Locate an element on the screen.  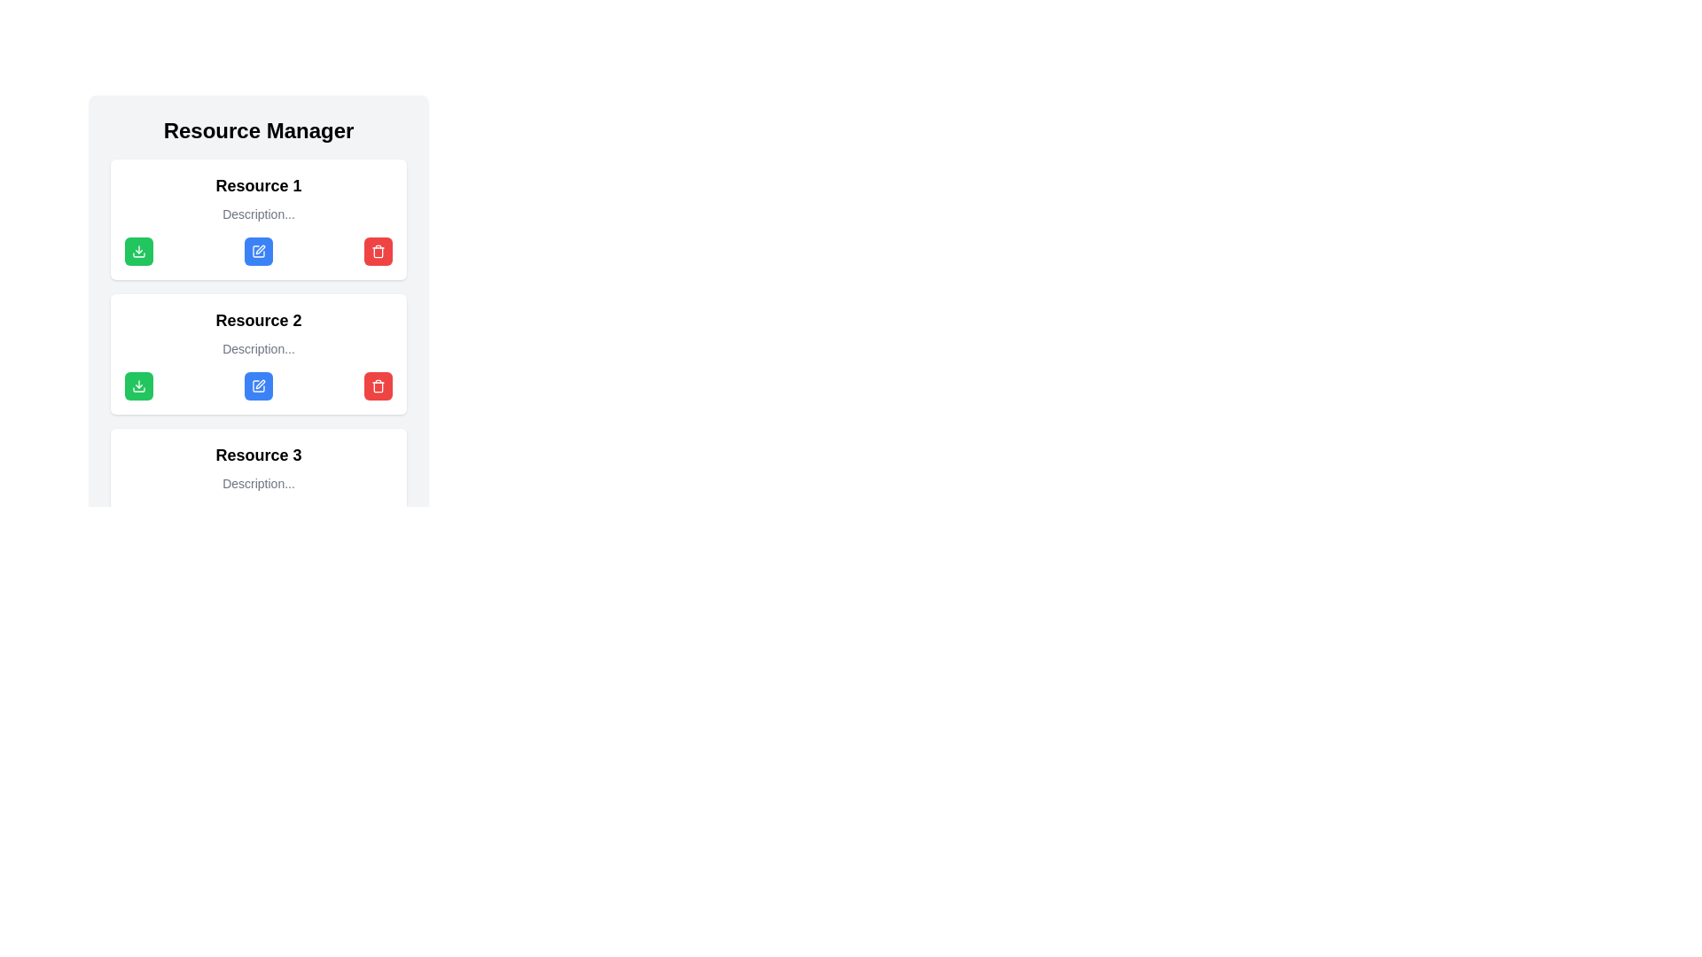
the green circular button with a downward arrow icon in the first row labeled 'Resource 1' to activate the download is located at coordinates (138, 385).